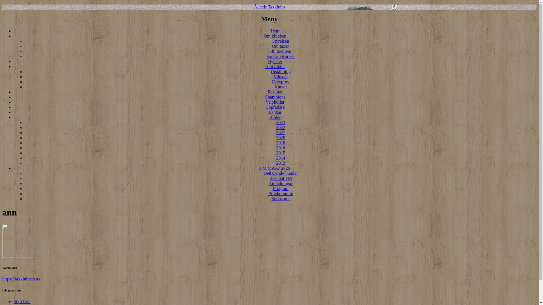 This screenshot has height=305, width=543. I want to click on '2018', so click(276, 142).